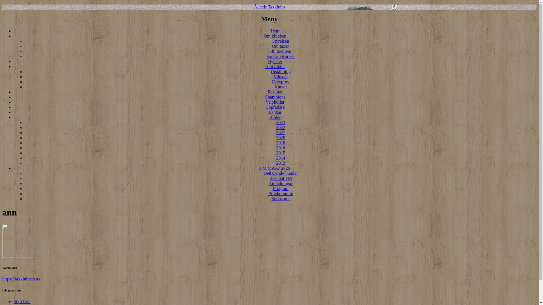 This screenshot has height=305, width=543. I want to click on '2018', so click(276, 142).